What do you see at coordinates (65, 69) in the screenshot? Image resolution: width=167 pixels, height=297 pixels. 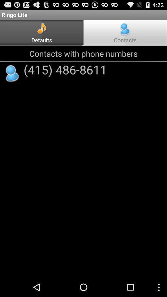 I see `(415) 486-8611 icon` at bounding box center [65, 69].